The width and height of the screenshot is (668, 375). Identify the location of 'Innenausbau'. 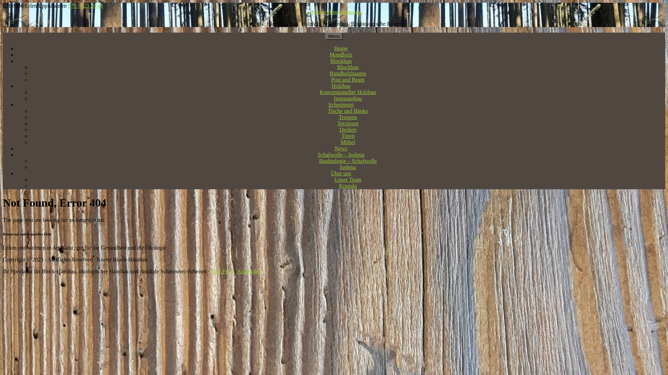
(348, 98).